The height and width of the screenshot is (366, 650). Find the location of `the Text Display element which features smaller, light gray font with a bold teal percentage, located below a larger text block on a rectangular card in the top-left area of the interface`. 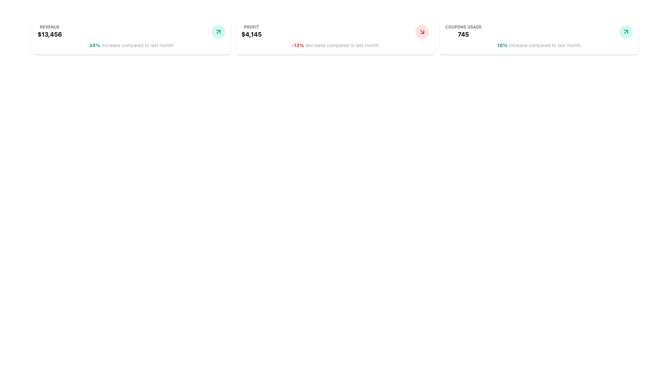

the Text Display element which features smaller, light gray font with a bold teal percentage, located below a larger text block on a rectangular card in the top-left area of the interface is located at coordinates (131, 45).